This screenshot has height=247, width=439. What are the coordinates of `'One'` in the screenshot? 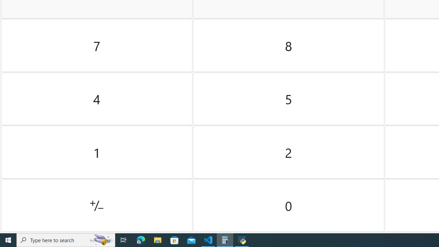 It's located at (96, 152).